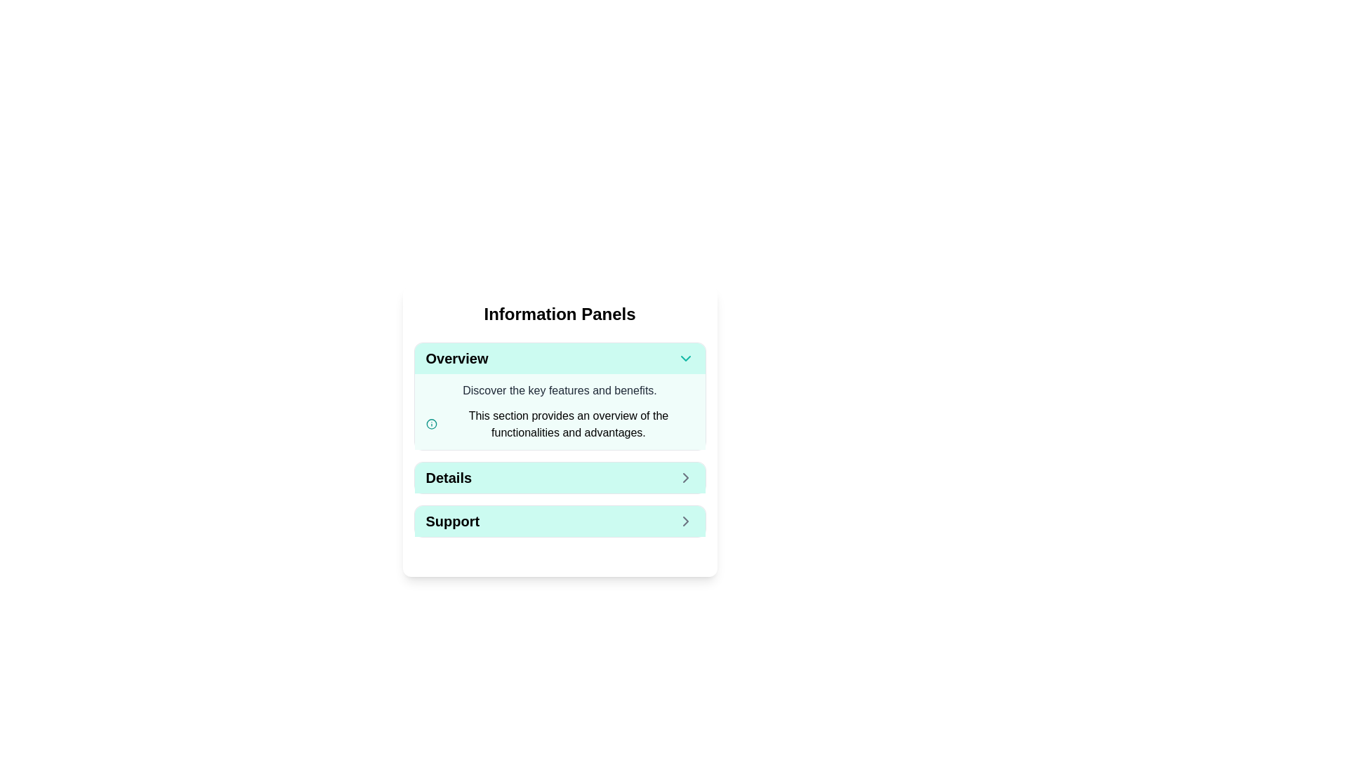 This screenshot has width=1348, height=758. I want to click on the third button in the 'Information Panels', so click(559, 521).